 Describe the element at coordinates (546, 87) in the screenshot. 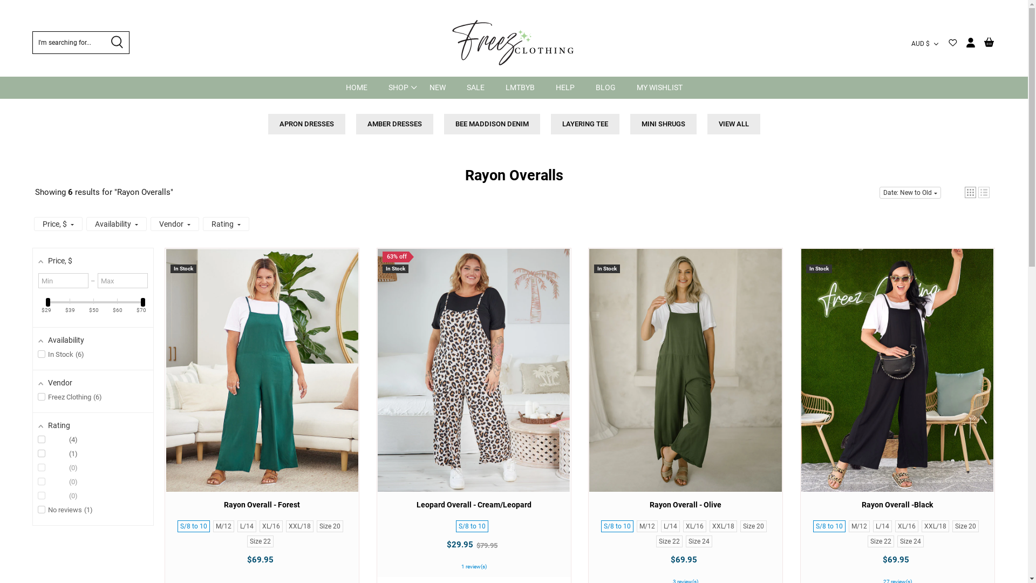

I see `'HELP'` at that location.